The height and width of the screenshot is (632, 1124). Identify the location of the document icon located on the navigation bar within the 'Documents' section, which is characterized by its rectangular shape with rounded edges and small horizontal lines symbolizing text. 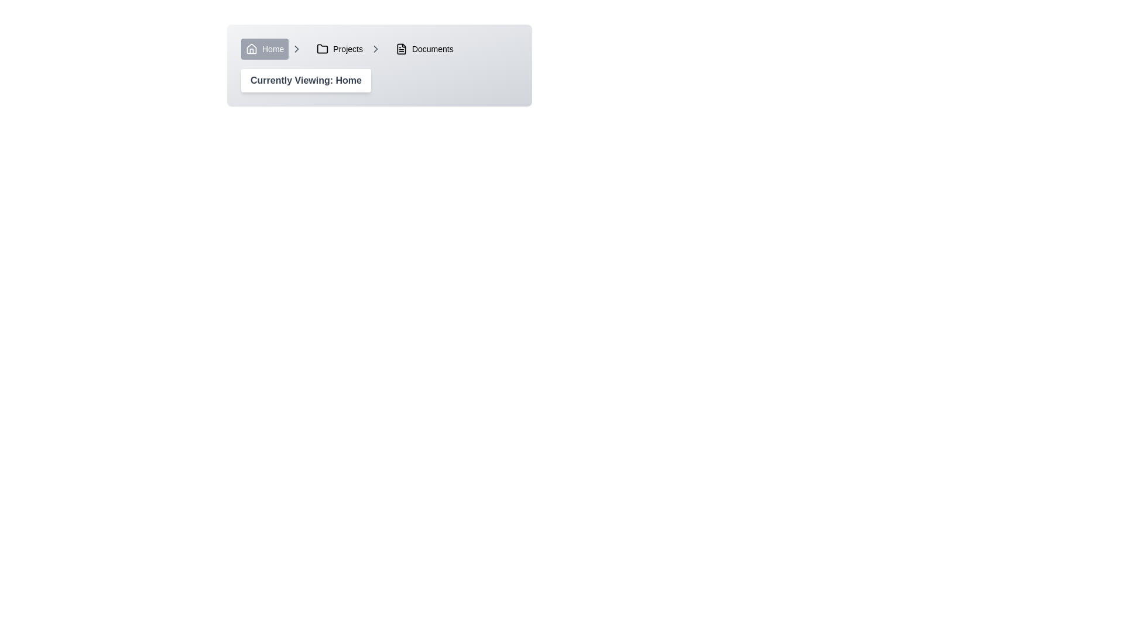
(402, 49).